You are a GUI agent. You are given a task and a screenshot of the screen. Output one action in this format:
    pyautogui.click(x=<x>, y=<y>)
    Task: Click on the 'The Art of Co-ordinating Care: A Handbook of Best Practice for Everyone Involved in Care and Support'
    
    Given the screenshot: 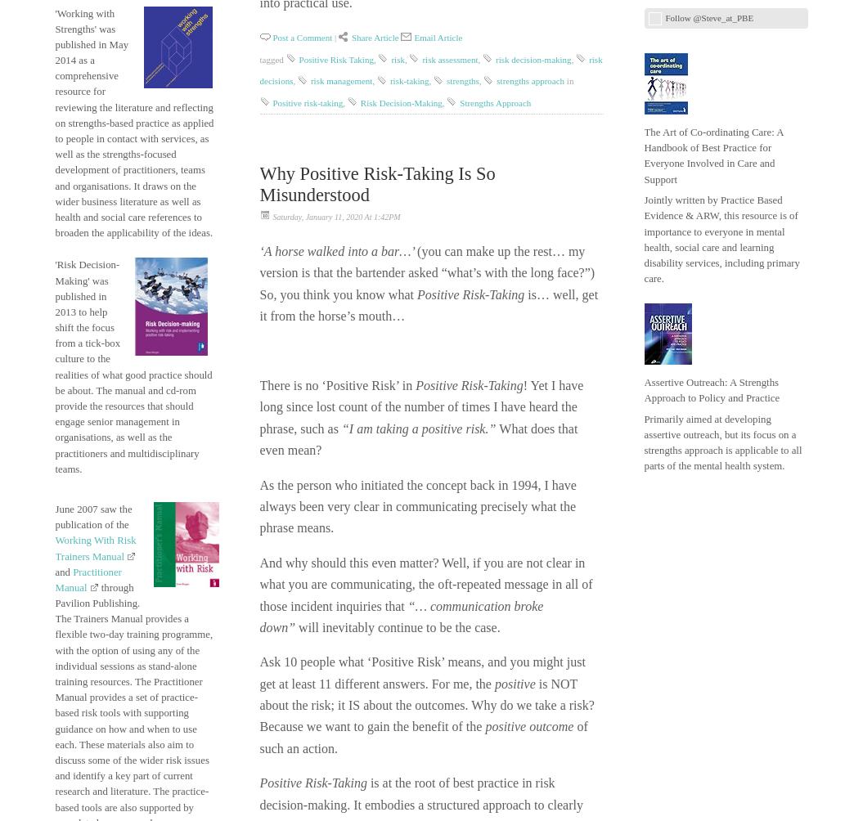 What is the action you would take?
    pyautogui.click(x=712, y=155)
    